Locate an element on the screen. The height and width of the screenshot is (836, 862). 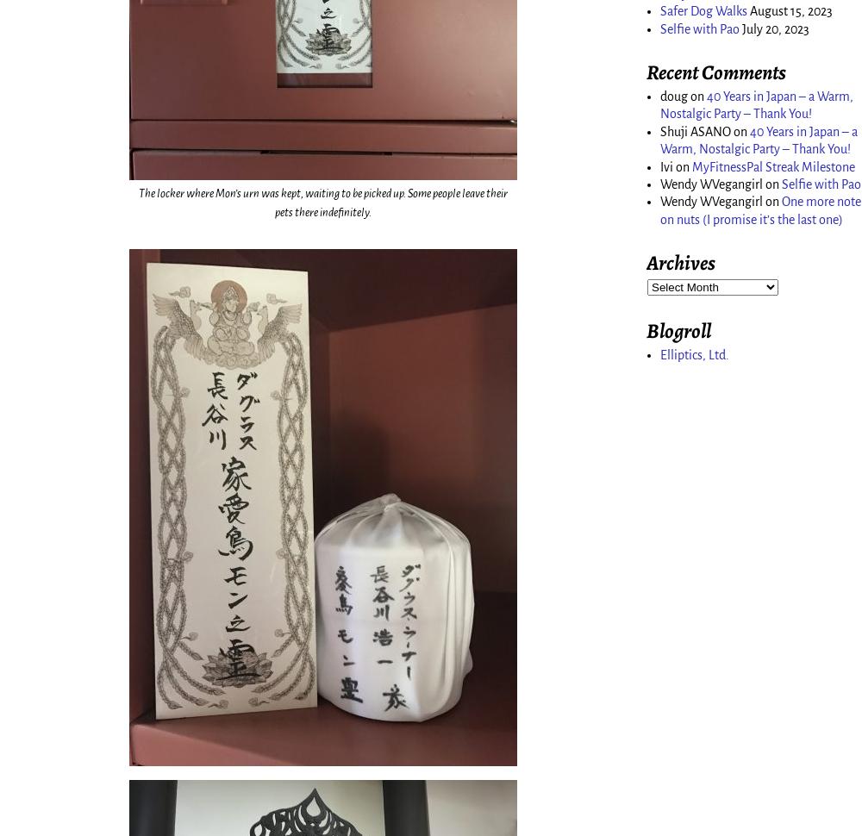
'July 20, 2023' is located at coordinates (776, 28).